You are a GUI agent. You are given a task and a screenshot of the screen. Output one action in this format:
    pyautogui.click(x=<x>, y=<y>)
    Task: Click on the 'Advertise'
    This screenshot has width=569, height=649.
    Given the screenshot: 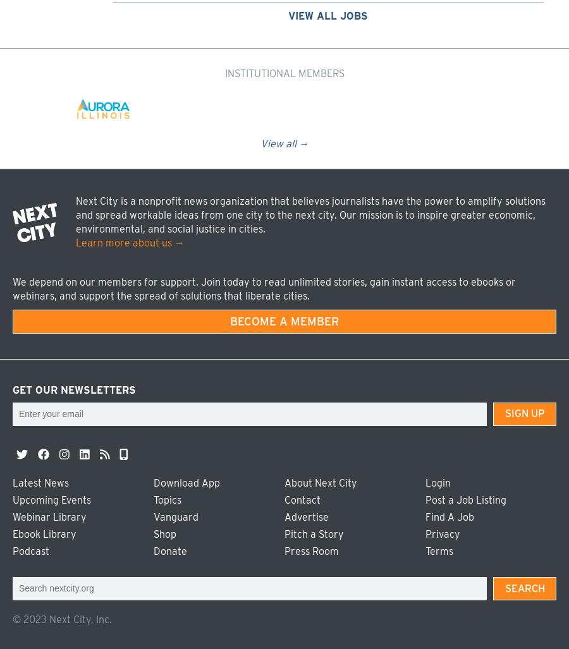 What is the action you would take?
    pyautogui.click(x=306, y=517)
    